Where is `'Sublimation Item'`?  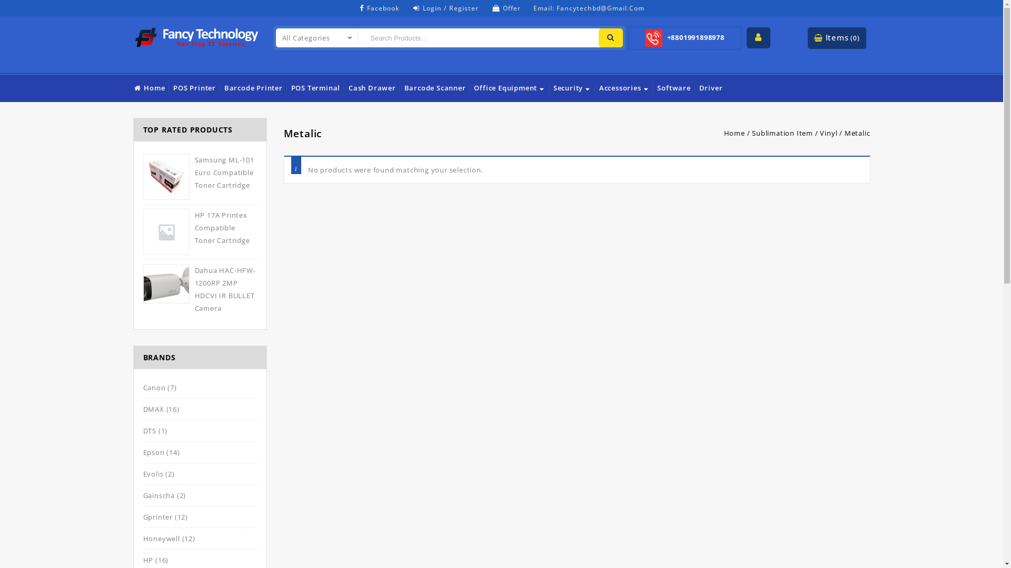
'Sublimation Item' is located at coordinates (782, 133).